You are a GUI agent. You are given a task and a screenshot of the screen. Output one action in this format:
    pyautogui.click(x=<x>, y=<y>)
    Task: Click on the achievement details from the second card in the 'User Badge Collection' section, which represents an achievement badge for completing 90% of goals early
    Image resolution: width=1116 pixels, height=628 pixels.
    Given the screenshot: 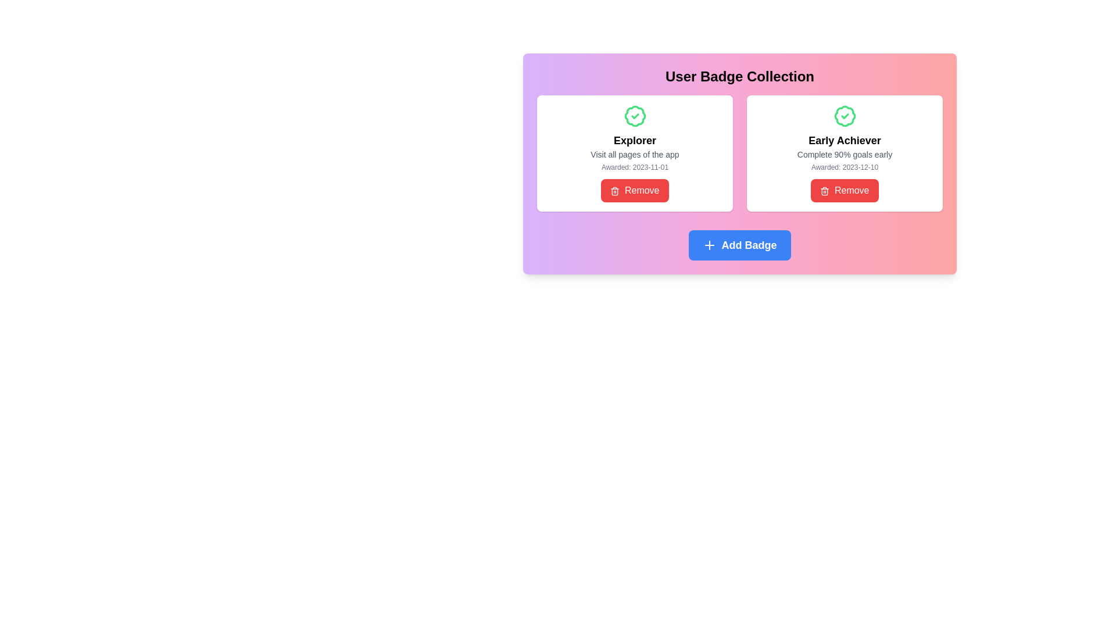 What is the action you would take?
    pyautogui.click(x=845, y=152)
    